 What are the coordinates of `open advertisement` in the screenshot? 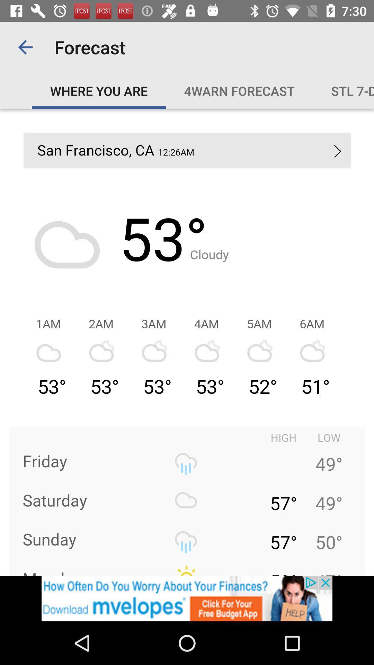 It's located at (187, 598).